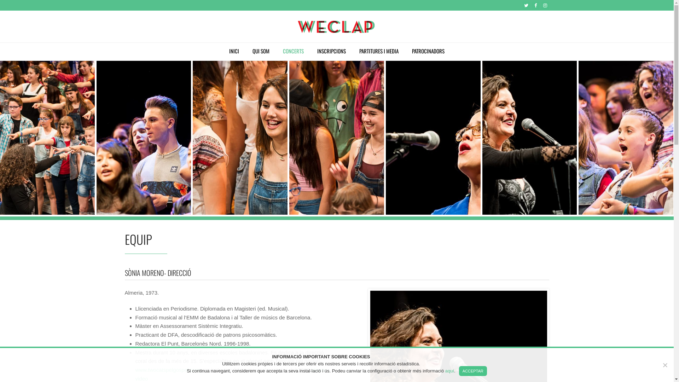 The height and width of the screenshot is (382, 679). What do you see at coordinates (331, 51) in the screenshot?
I see `'INSCRIPCIONS'` at bounding box center [331, 51].